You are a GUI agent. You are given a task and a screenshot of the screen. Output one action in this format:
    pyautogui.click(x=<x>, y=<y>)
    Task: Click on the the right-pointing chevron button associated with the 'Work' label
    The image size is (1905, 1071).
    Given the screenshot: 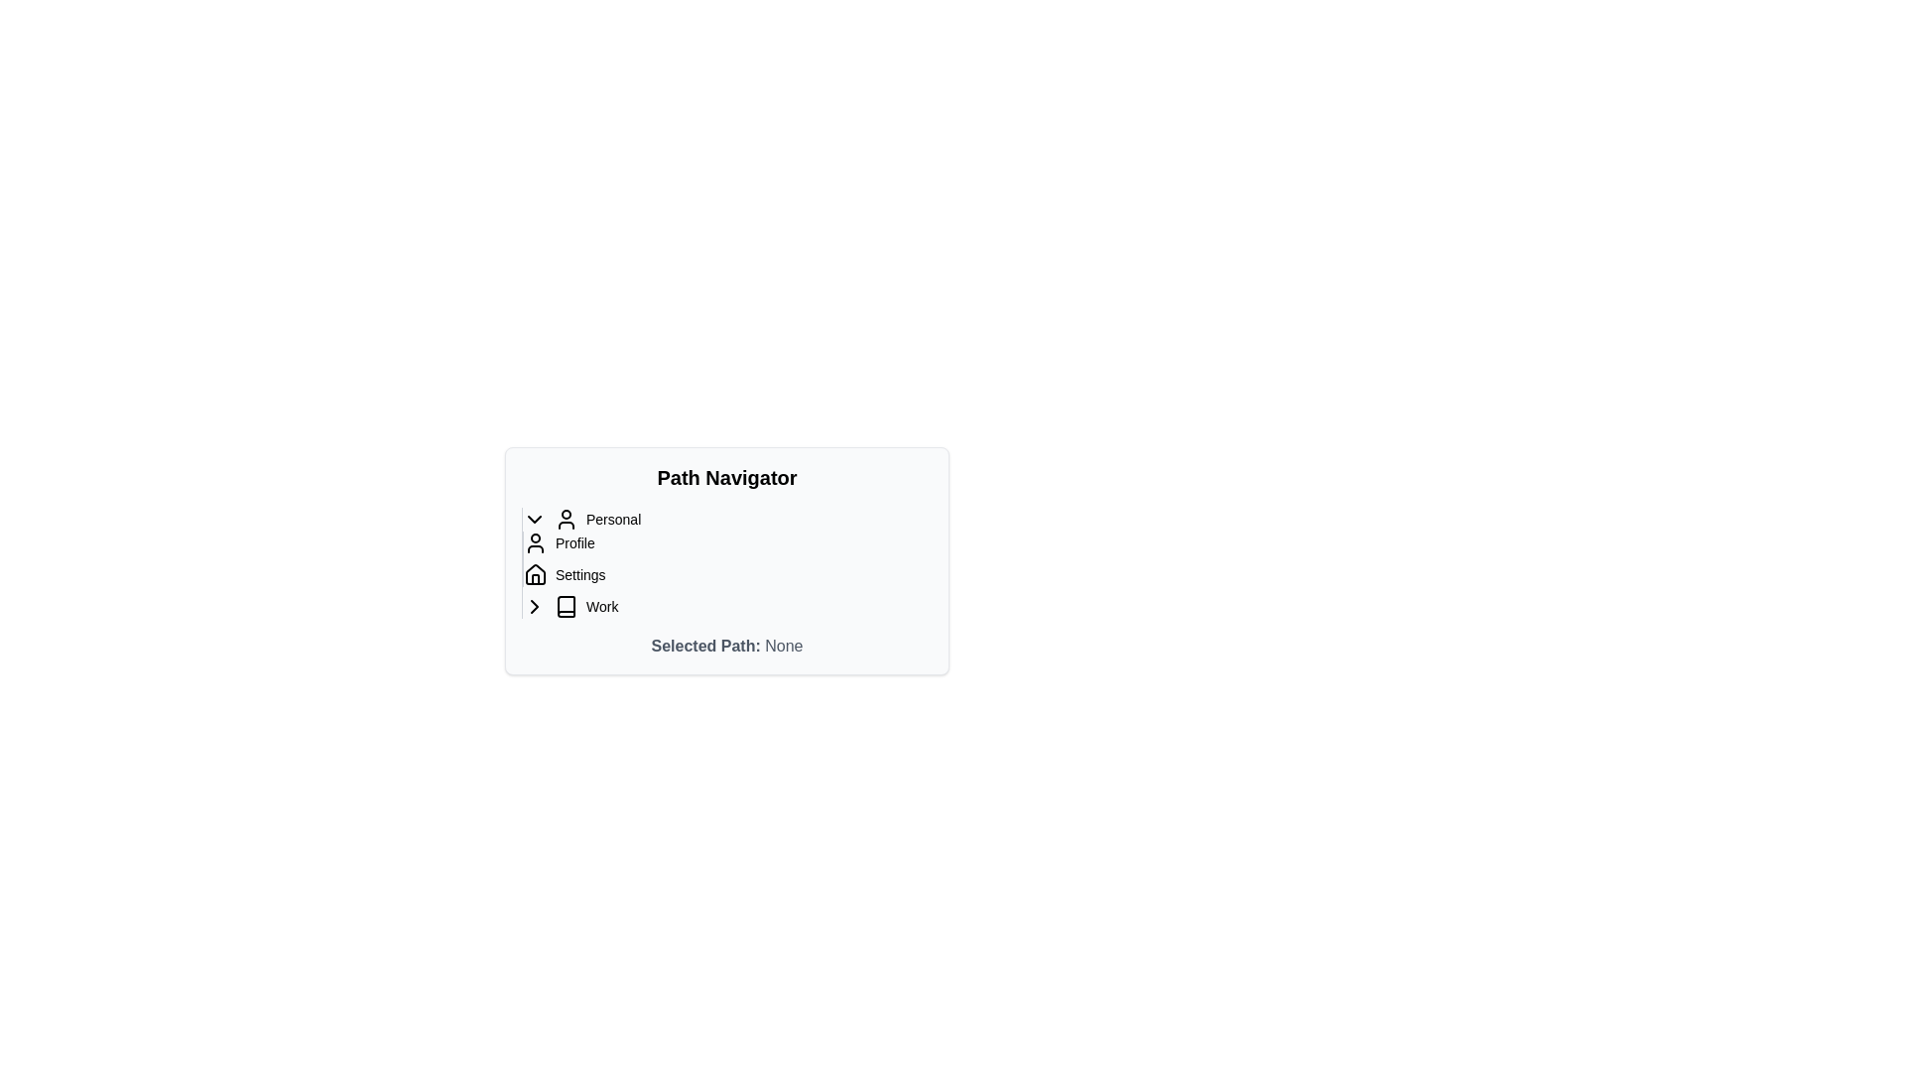 What is the action you would take?
    pyautogui.click(x=534, y=606)
    